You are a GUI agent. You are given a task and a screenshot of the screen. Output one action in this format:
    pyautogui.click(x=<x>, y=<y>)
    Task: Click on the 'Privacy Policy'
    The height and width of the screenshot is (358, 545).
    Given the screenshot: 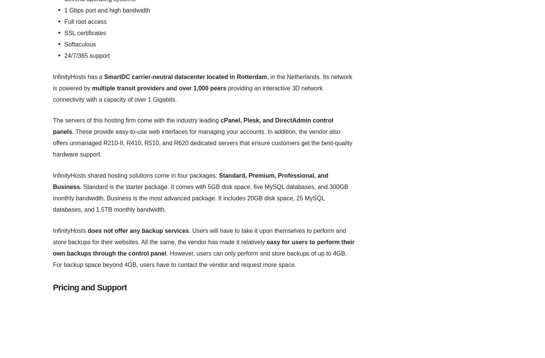 What is the action you would take?
    pyautogui.click(x=281, y=99)
    